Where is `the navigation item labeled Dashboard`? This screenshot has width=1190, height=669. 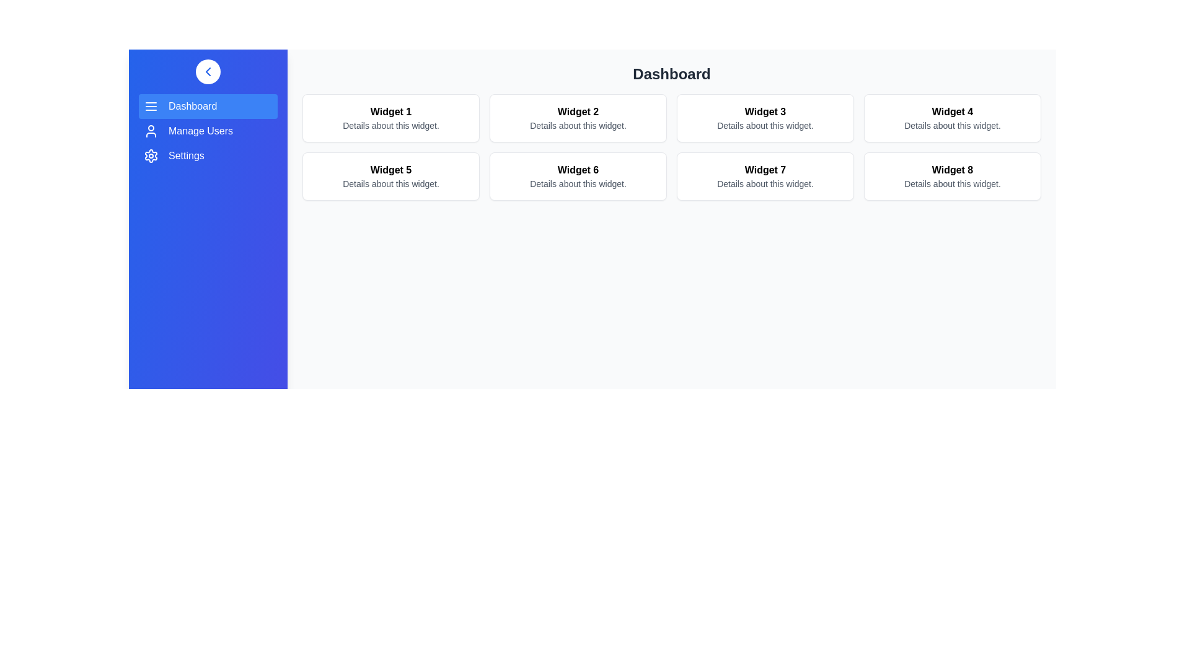 the navigation item labeled Dashboard is located at coordinates (208, 106).